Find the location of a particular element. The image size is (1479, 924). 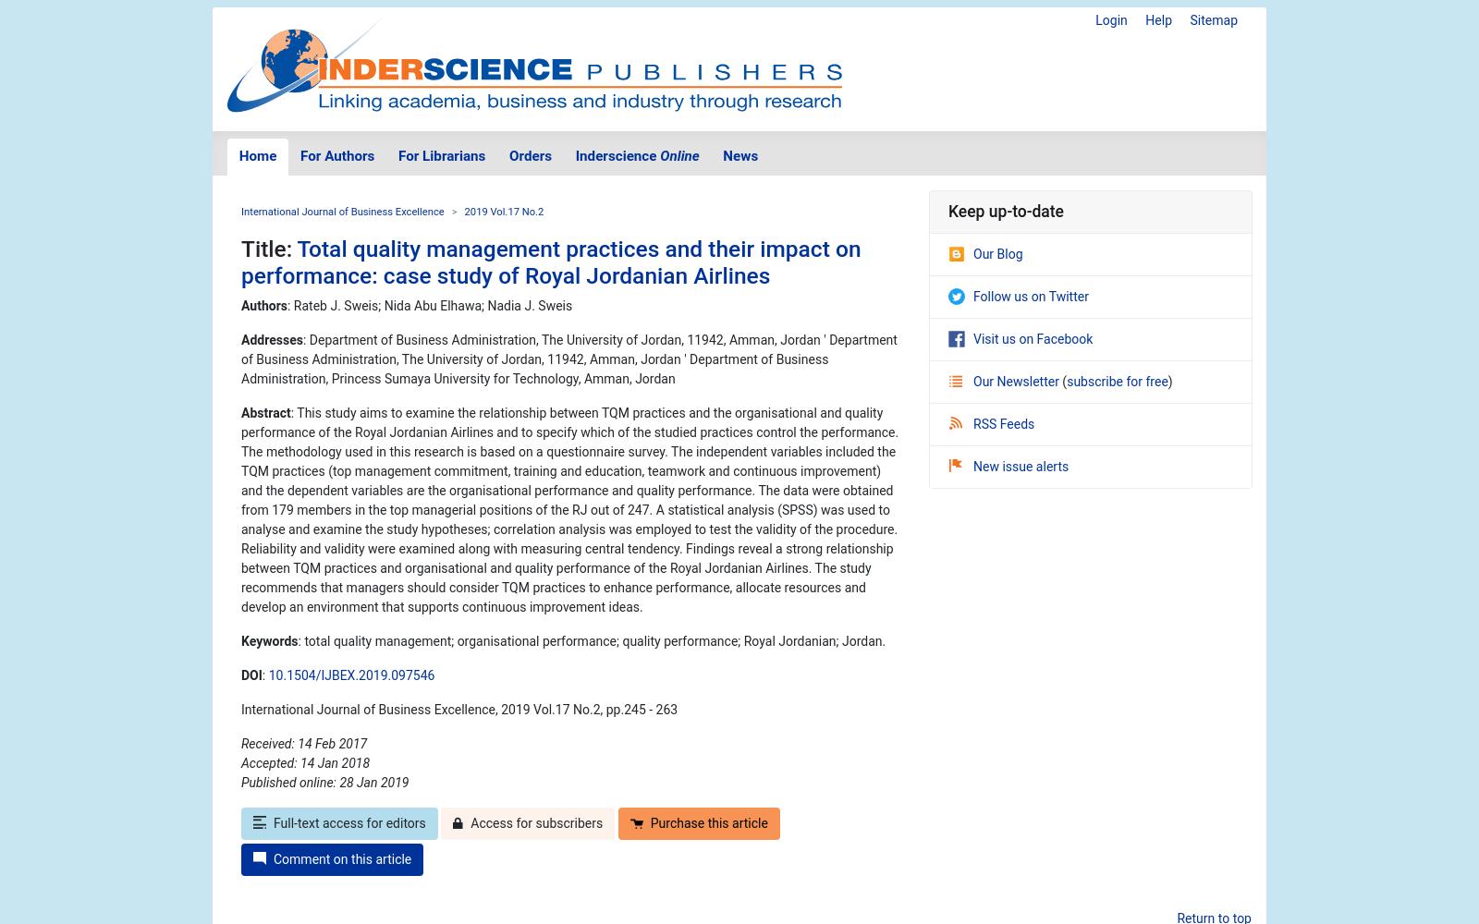

'Full-text access for editors' is located at coordinates (348, 823).